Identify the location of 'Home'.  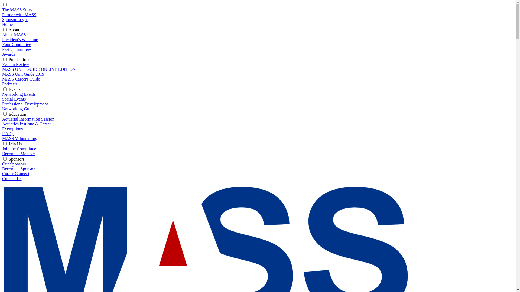
(7, 24).